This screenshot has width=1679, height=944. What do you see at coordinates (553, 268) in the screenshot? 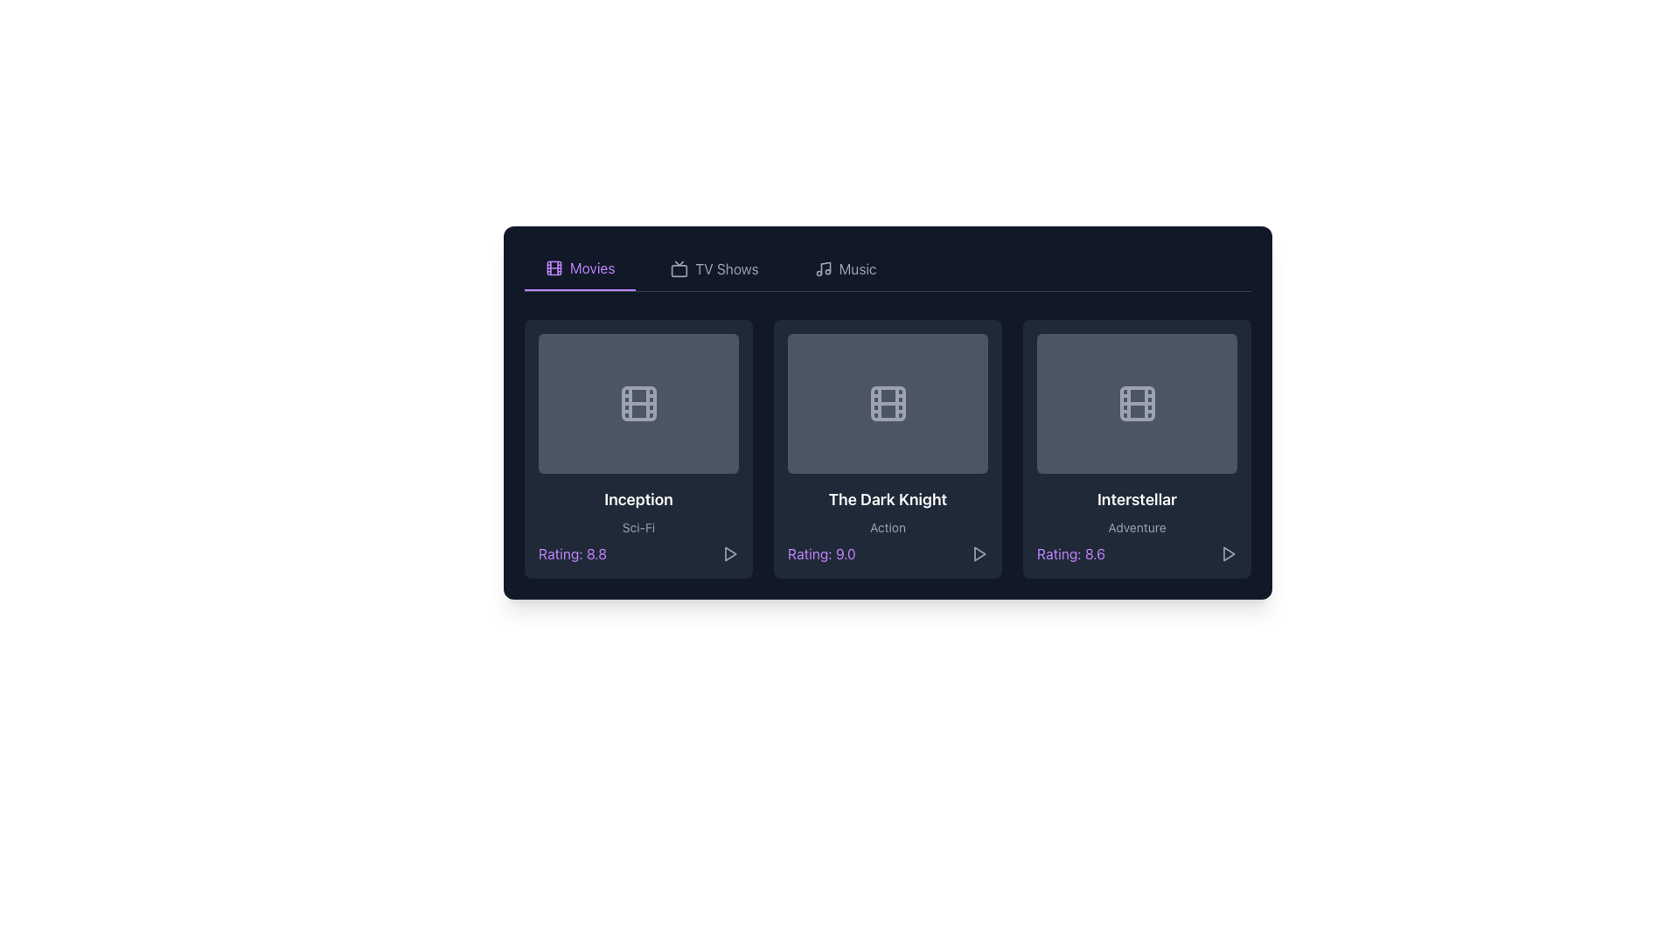
I see `the purple film icon located in the navigation bar, which is positioned to the left of the 'Movies' label` at bounding box center [553, 268].